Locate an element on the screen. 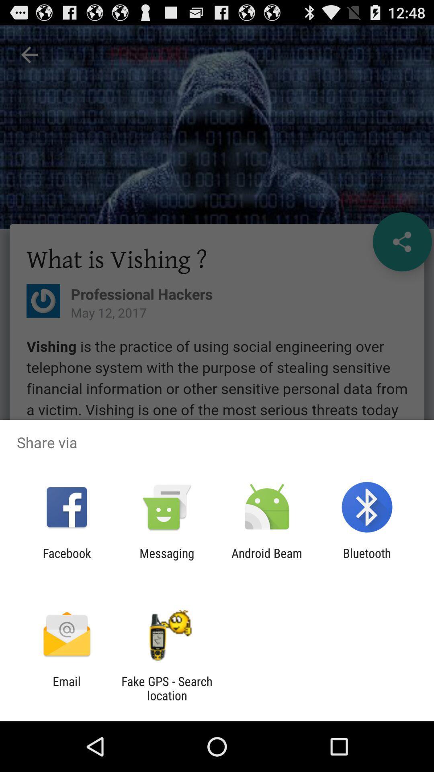 This screenshot has width=434, height=772. the item to the right of facebook is located at coordinates (166, 560).